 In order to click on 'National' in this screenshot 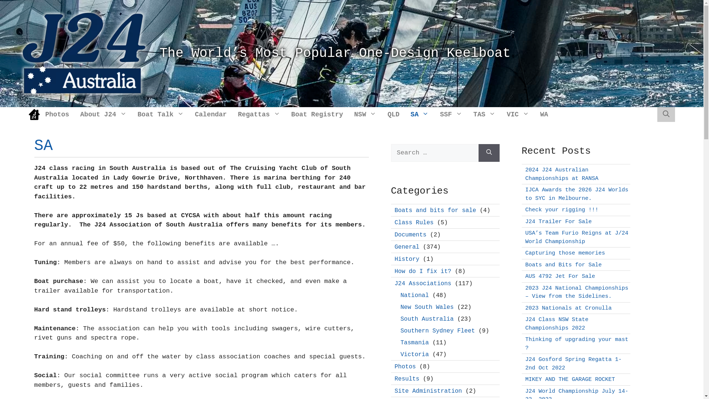, I will do `click(414, 294)`.